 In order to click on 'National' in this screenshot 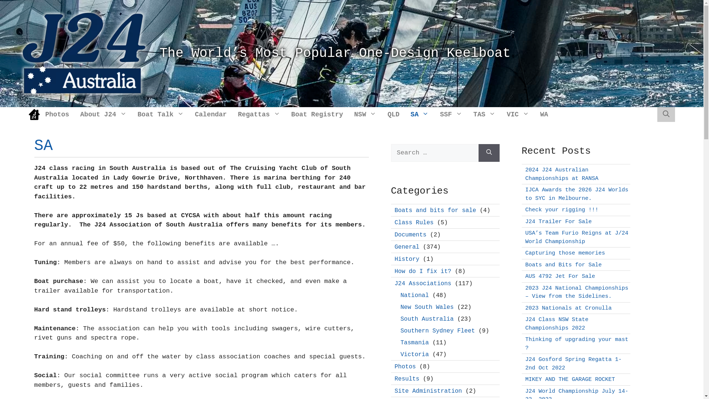, I will do `click(414, 294)`.